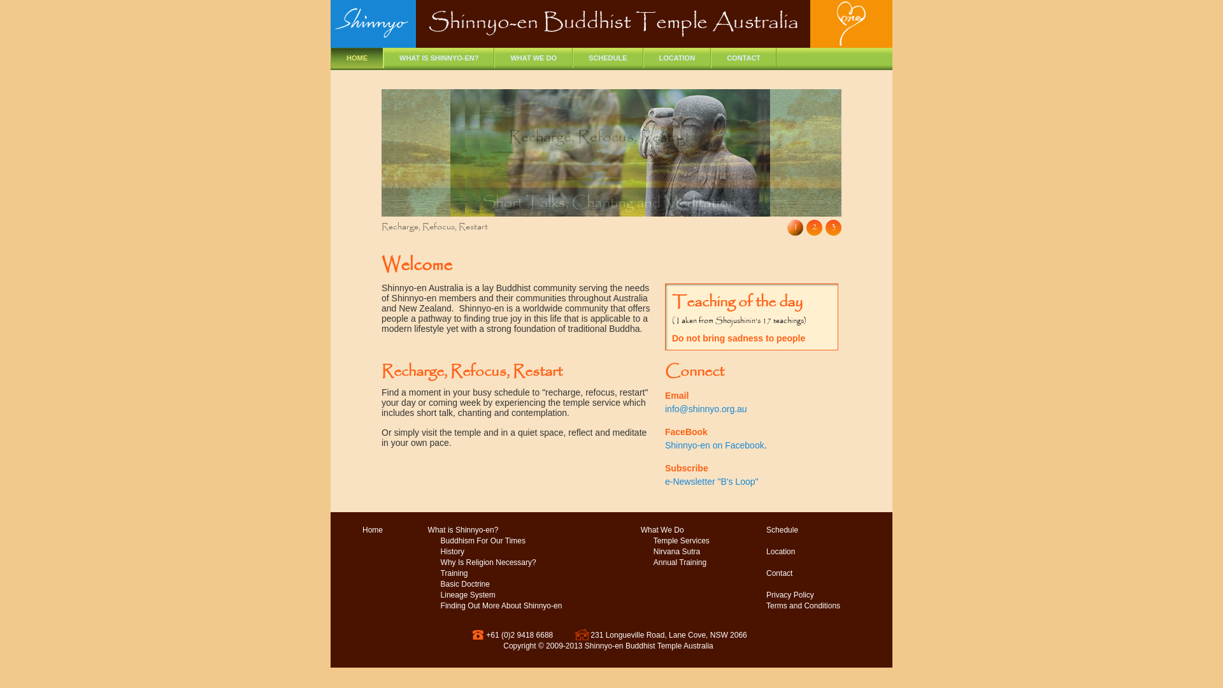  I want to click on 'Annual Training', so click(679, 562).